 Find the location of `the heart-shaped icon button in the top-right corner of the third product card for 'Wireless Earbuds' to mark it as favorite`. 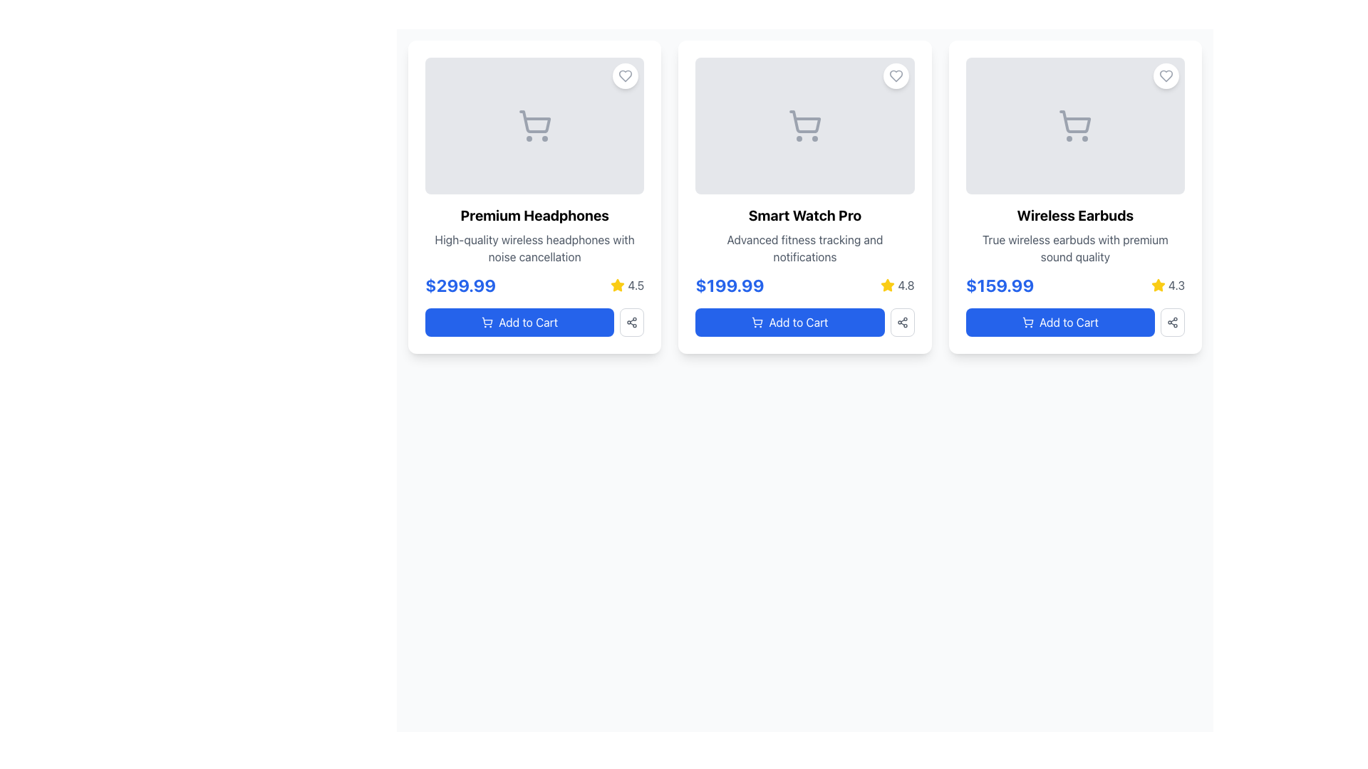

the heart-shaped icon button in the top-right corner of the third product card for 'Wireless Earbuds' to mark it as favorite is located at coordinates (1166, 76).